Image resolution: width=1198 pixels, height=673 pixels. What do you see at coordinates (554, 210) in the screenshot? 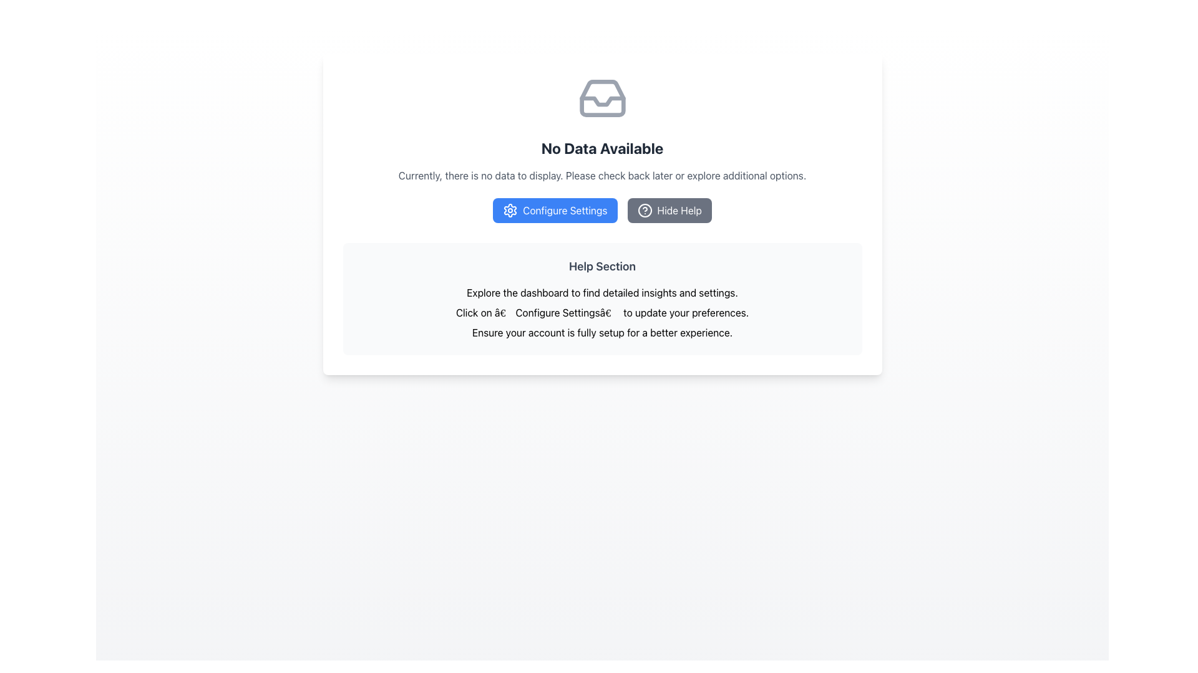
I see `the 'Configure Settings' button, which is a rectangular button with a gear icon and white text on a blue background, to trigger hover-based visual effects` at bounding box center [554, 210].